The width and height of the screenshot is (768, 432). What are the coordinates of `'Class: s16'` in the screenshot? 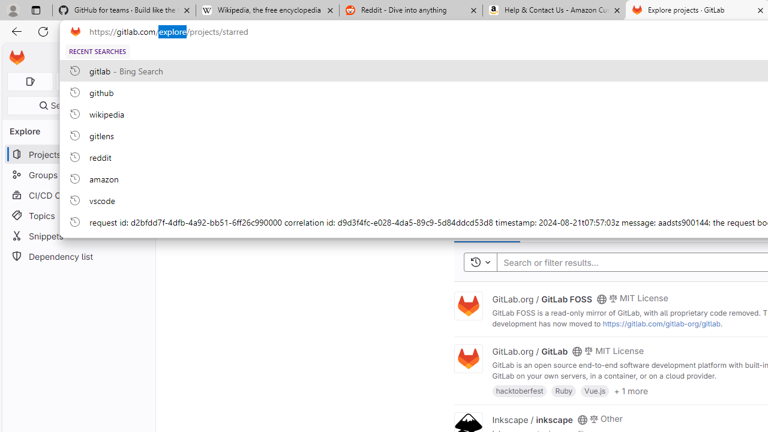 It's located at (582, 419).